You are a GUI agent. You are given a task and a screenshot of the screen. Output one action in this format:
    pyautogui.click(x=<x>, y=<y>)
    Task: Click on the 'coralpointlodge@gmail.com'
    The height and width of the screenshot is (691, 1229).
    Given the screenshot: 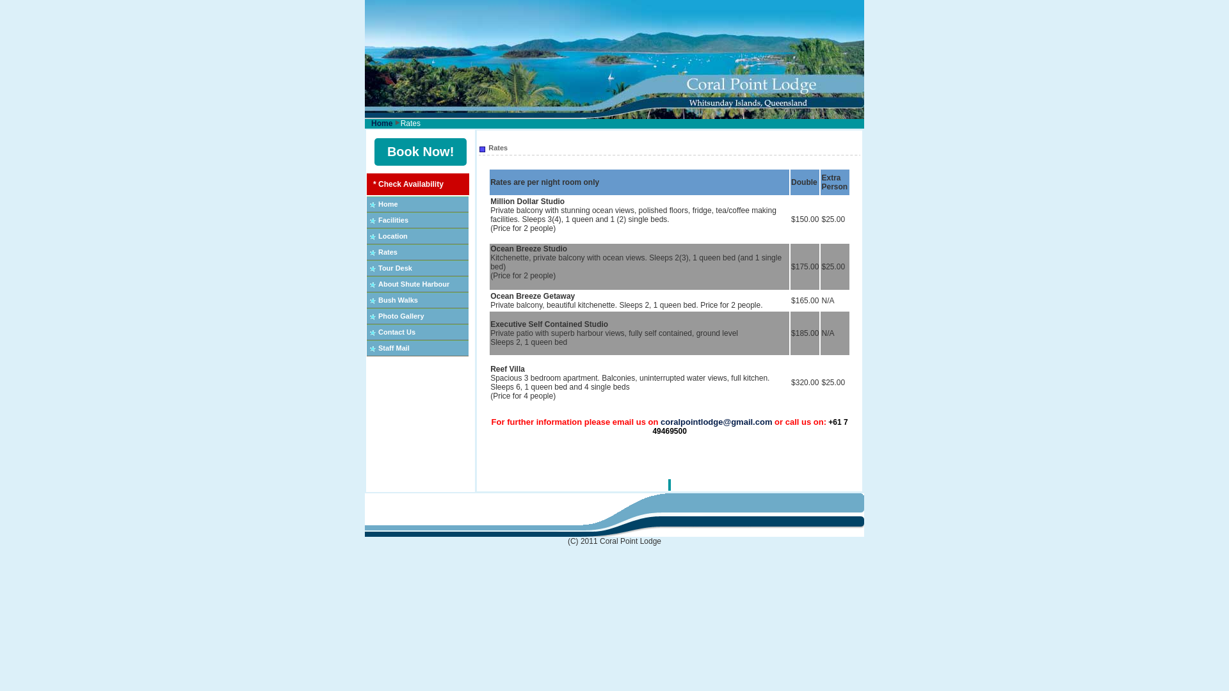 What is the action you would take?
    pyautogui.click(x=715, y=422)
    